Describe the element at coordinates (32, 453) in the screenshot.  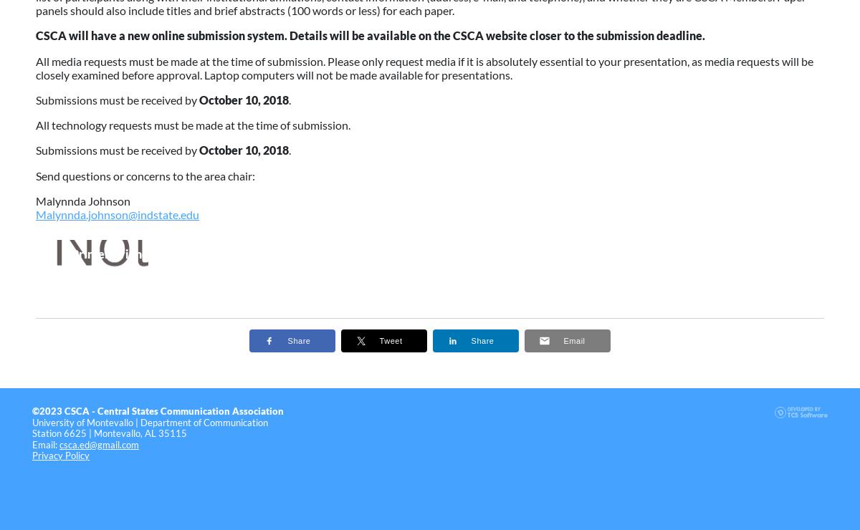
I see `'Privacy Policy'` at that location.